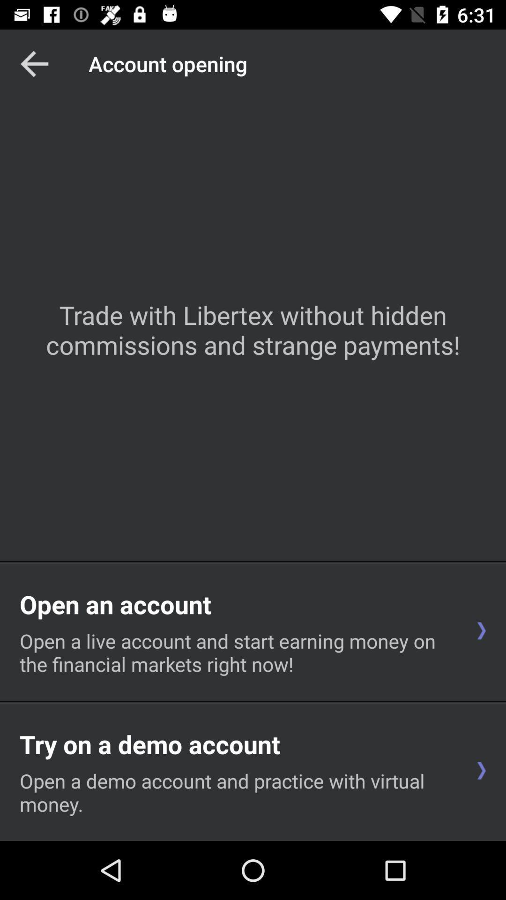 The height and width of the screenshot is (900, 506). I want to click on go back, so click(34, 63).